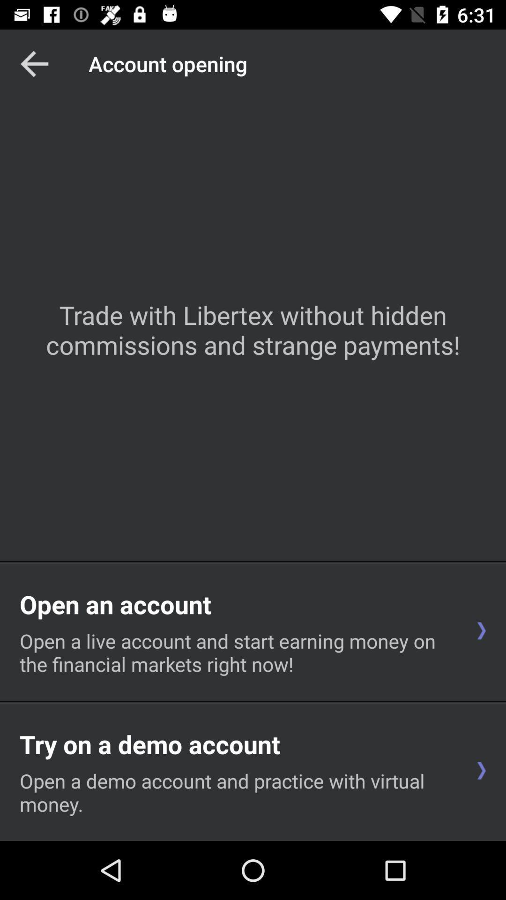 The height and width of the screenshot is (900, 506). I want to click on go back, so click(34, 63).